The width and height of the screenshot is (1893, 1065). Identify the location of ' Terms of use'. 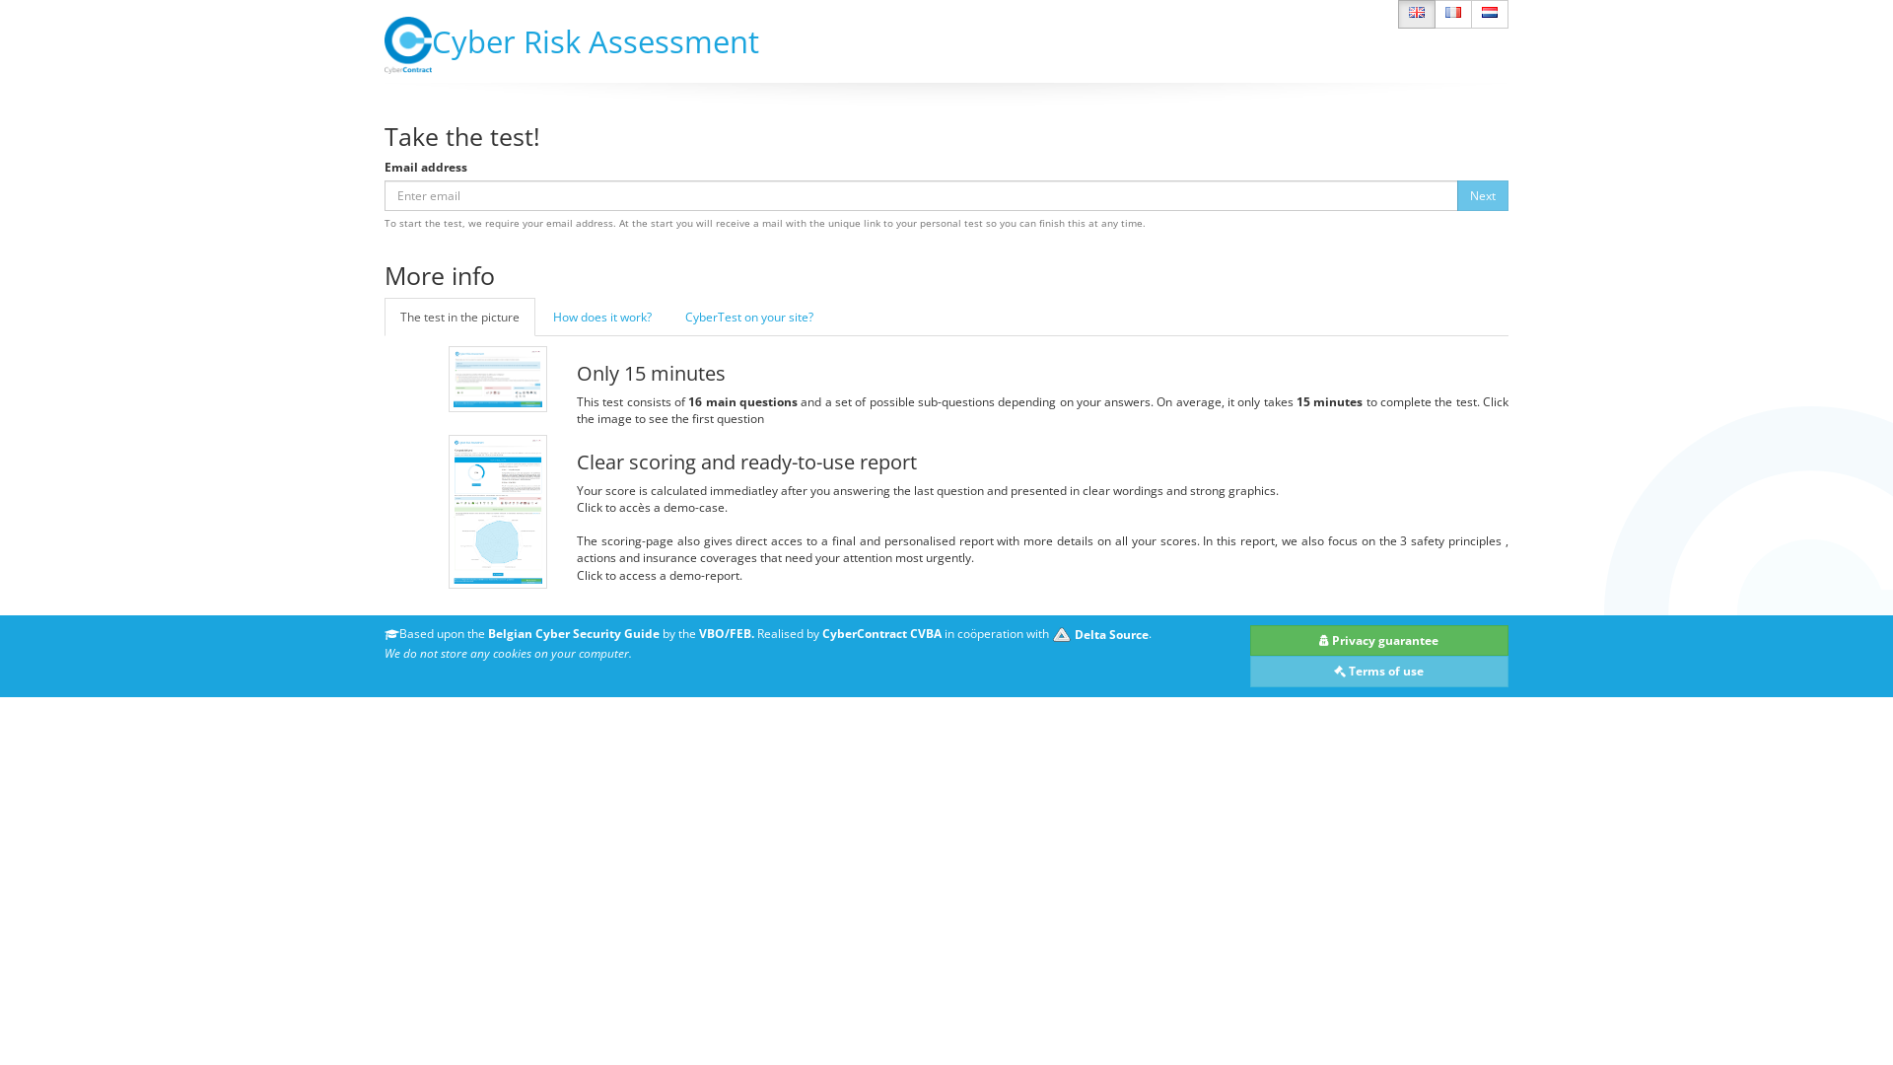
(1378, 670).